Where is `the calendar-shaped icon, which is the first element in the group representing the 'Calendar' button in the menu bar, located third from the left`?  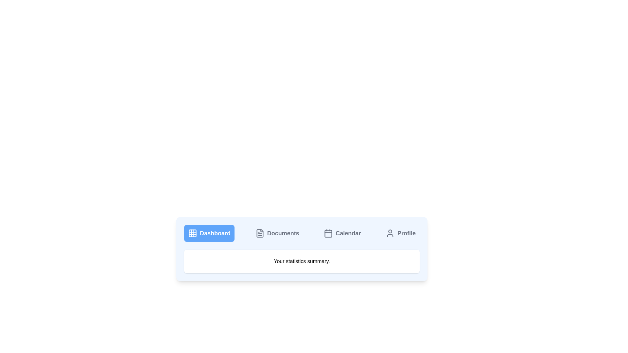 the calendar-shaped icon, which is the first element in the group representing the 'Calendar' button in the menu bar, located third from the left is located at coordinates (328, 233).